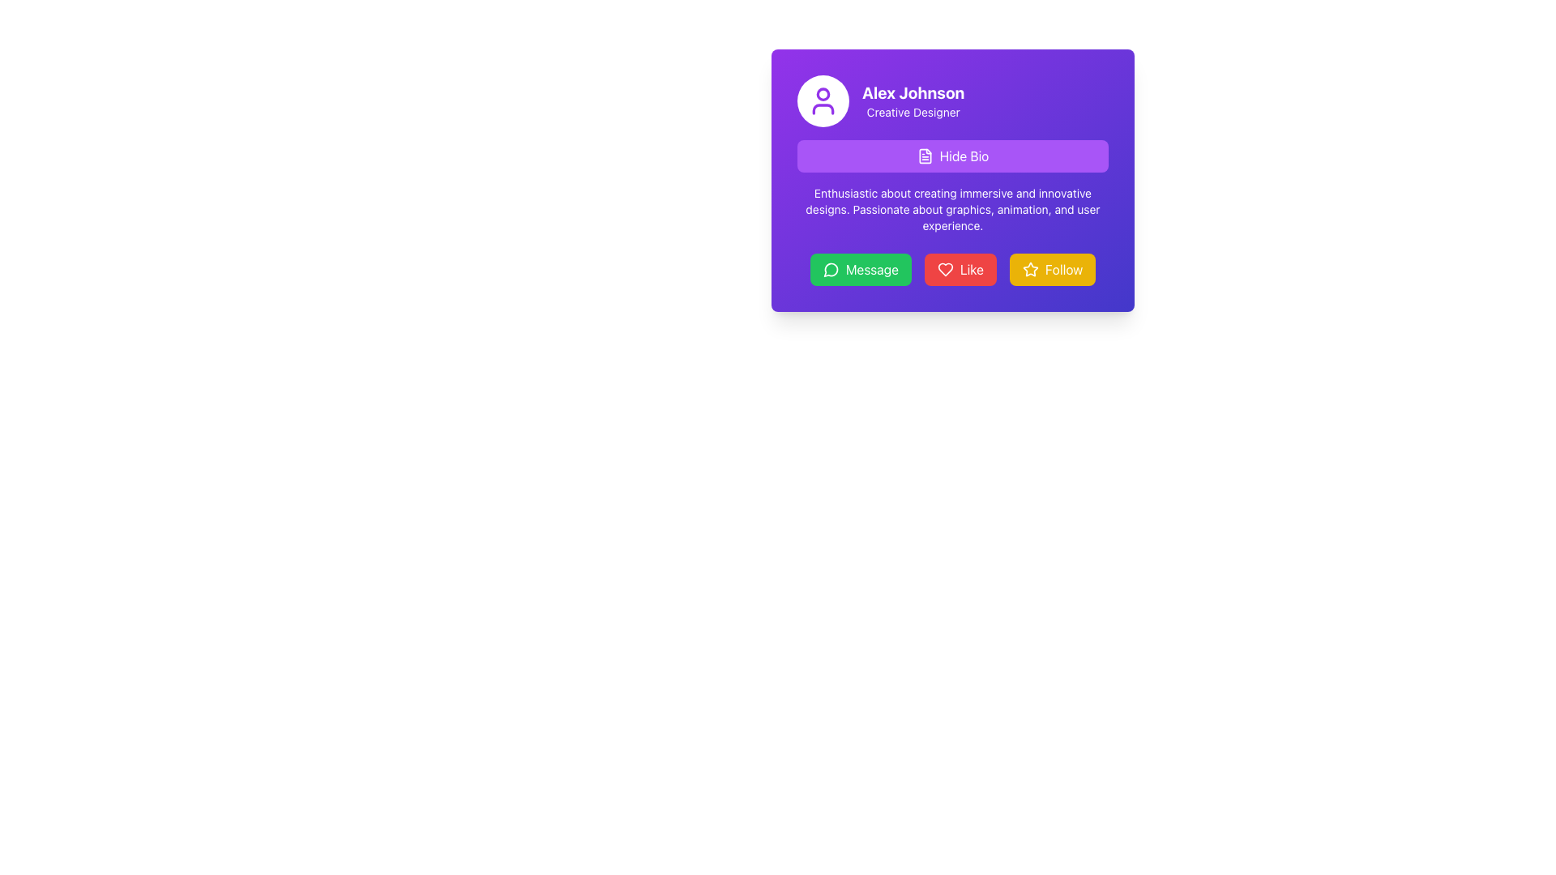 This screenshot has height=875, width=1556. Describe the element at coordinates (960, 268) in the screenshot. I see `the 'Like' button, which is the second button in a horizontal arrangement below the text content, located centrally between the green 'Message' button and the yellow 'Follow' button, to change its background shade` at that location.